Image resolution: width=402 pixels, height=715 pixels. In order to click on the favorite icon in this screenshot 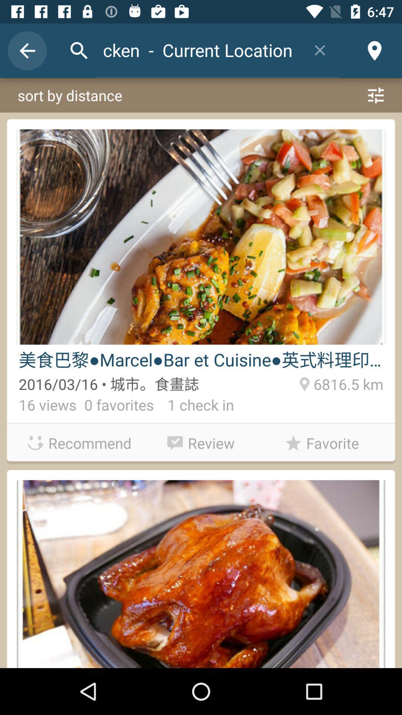, I will do `click(322, 443)`.